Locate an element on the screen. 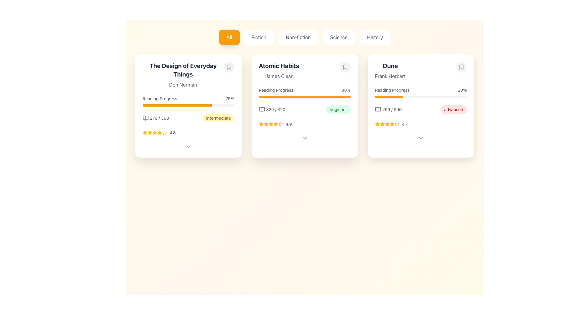 The width and height of the screenshot is (584, 328). text displaying the current and total number of pages for the book within the 'Atomic Habits' card interface, located below the 'Reading Progress' text and its progress bar, and to the left of a green badge labeled 'beginner.' is located at coordinates (272, 110).